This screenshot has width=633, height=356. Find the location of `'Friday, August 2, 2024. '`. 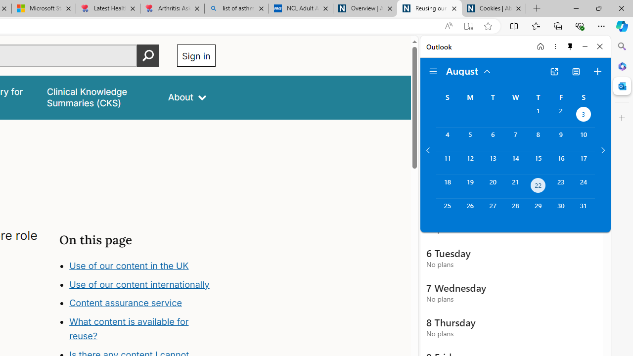

'Friday, August 2, 2024. ' is located at coordinates (561, 115).